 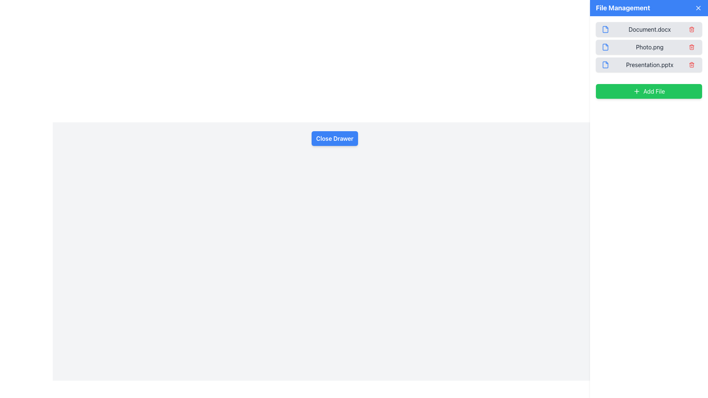 What do you see at coordinates (649, 47) in the screenshot?
I see `the file element representing 'Photo.png' in the file management interface` at bounding box center [649, 47].